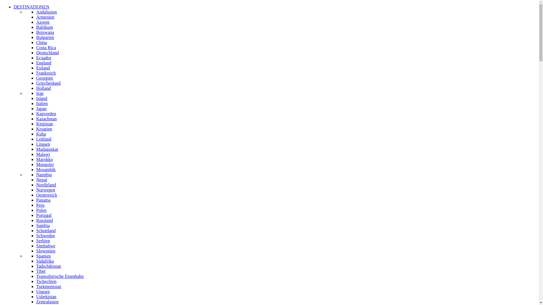  What do you see at coordinates (44, 27) in the screenshot?
I see `'Baltikum'` at bounding box center [44, 27].